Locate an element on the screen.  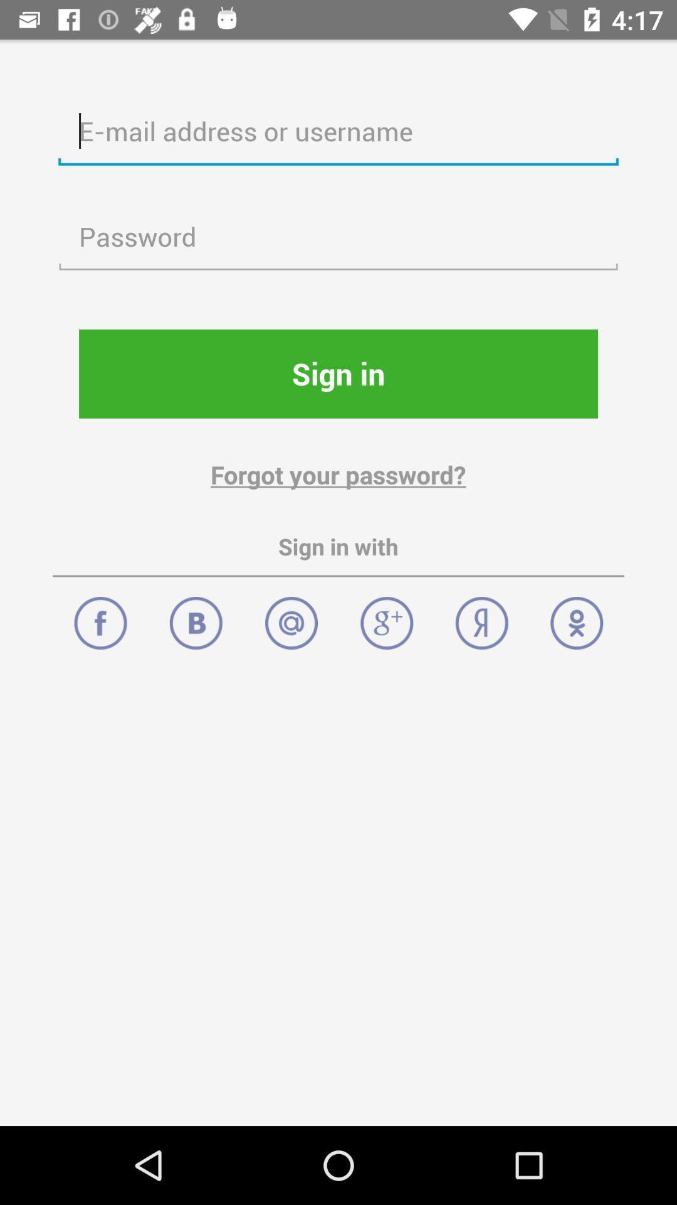
second option from right in the bottom is located at coordinates (481, 616).